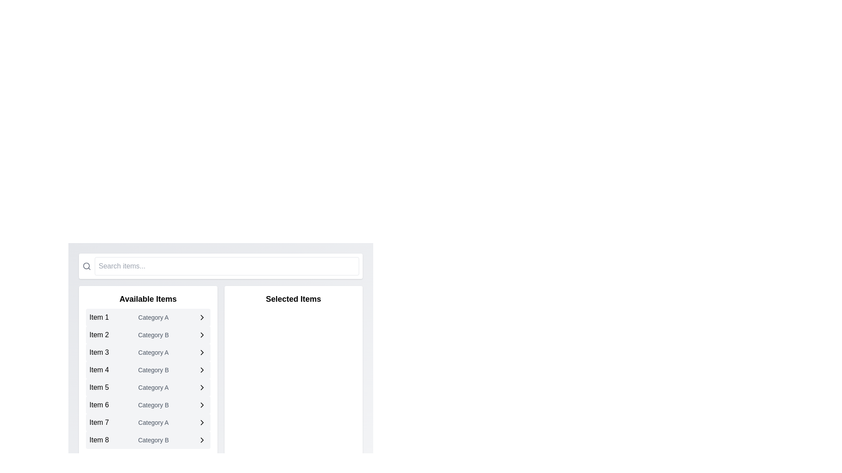 The image size is (842, 473). I want to click on the sixth list item with text and icon in the 'Available Items' section, so click(148, 405).